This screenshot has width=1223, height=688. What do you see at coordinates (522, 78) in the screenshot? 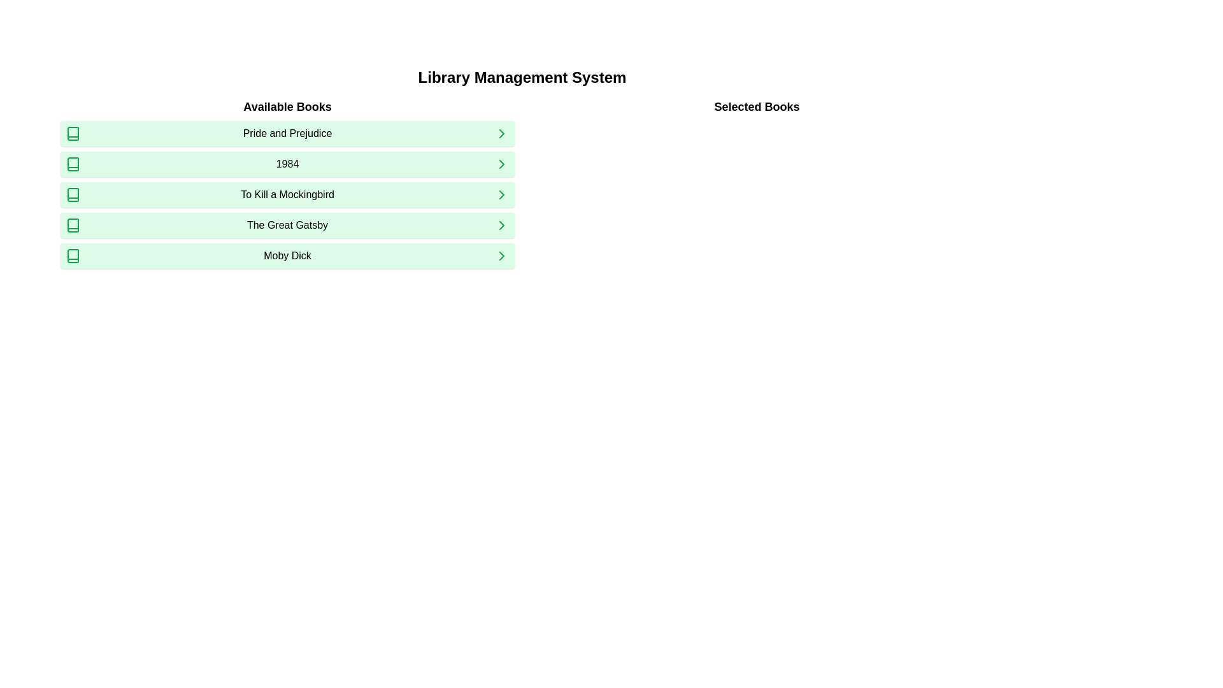
I see `the main heading text label that indicates the purpose of the application, positioned centrally above the two-column layout of available and selected books` at bounding box center [522, 78].